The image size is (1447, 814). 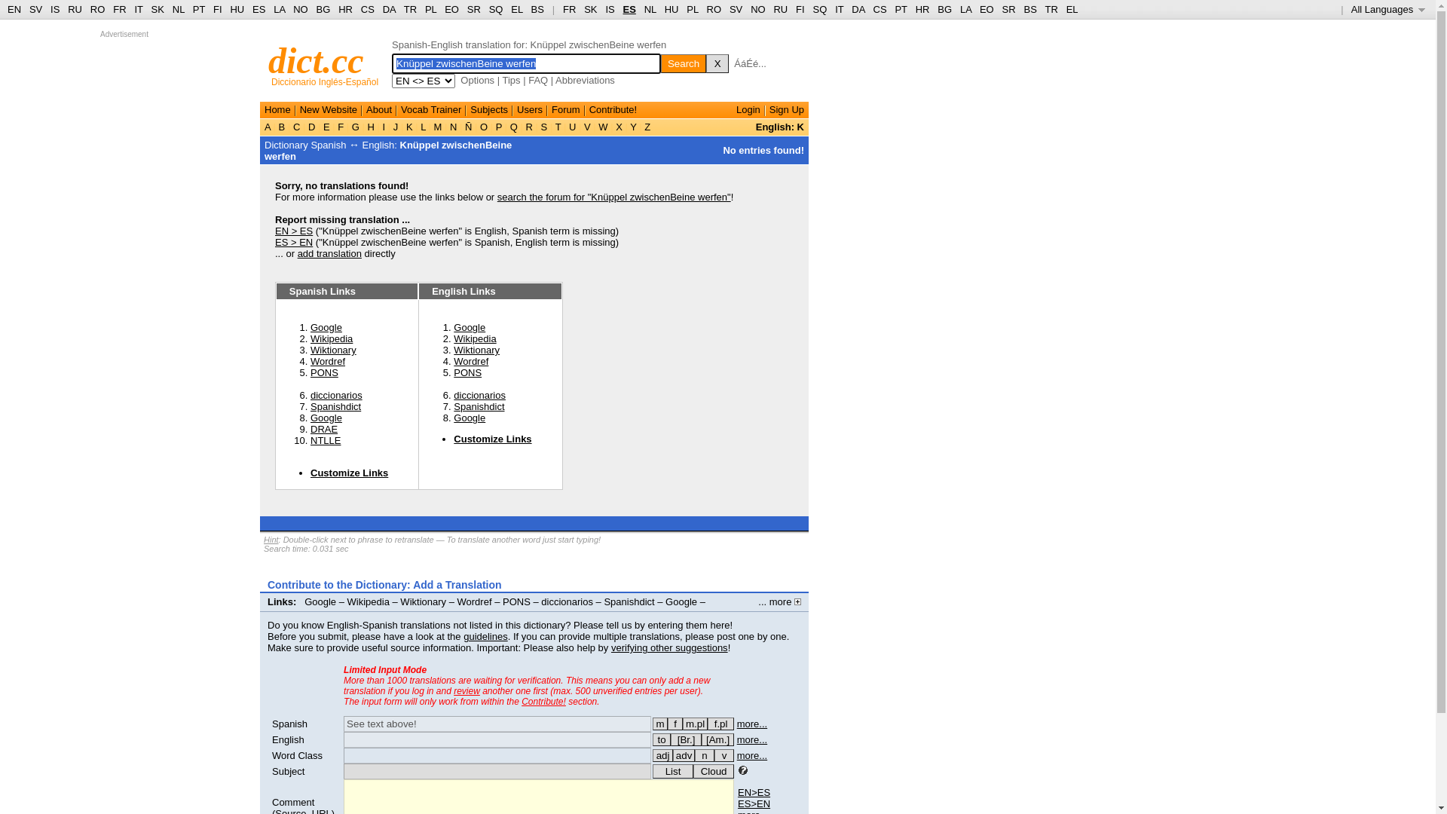 What do you see at coordinates (379, 109) in the screenshot?
I see `'About'` at bounding box center [379, 109].